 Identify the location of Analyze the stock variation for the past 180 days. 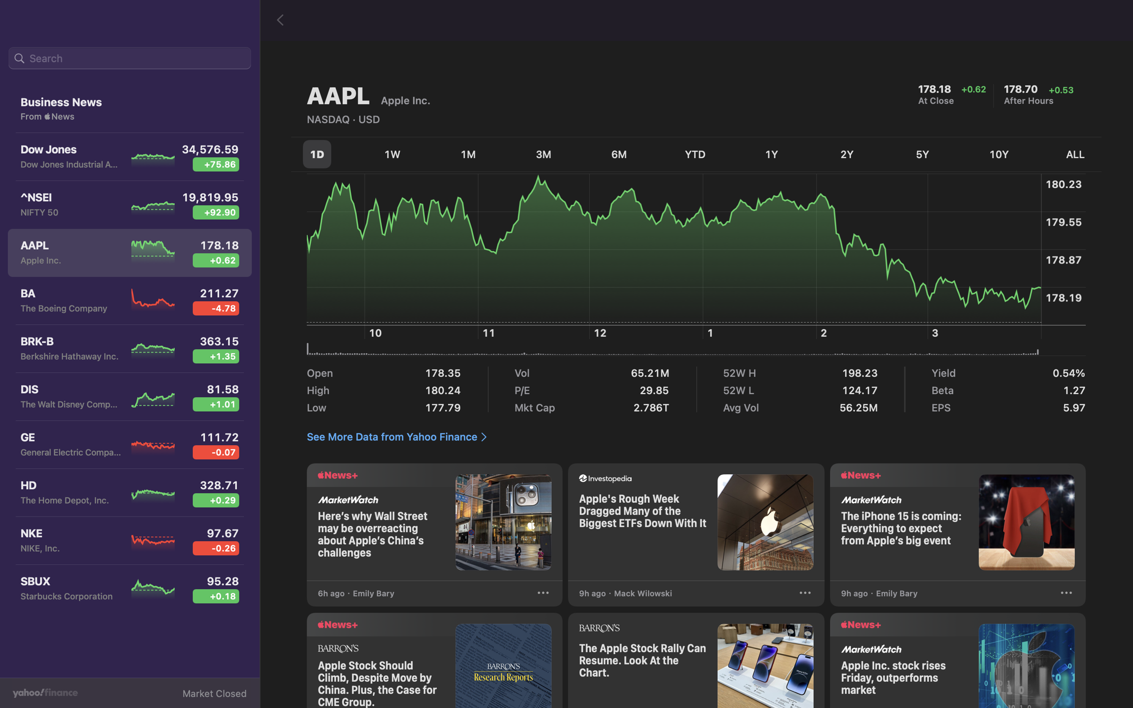
(621, 152).